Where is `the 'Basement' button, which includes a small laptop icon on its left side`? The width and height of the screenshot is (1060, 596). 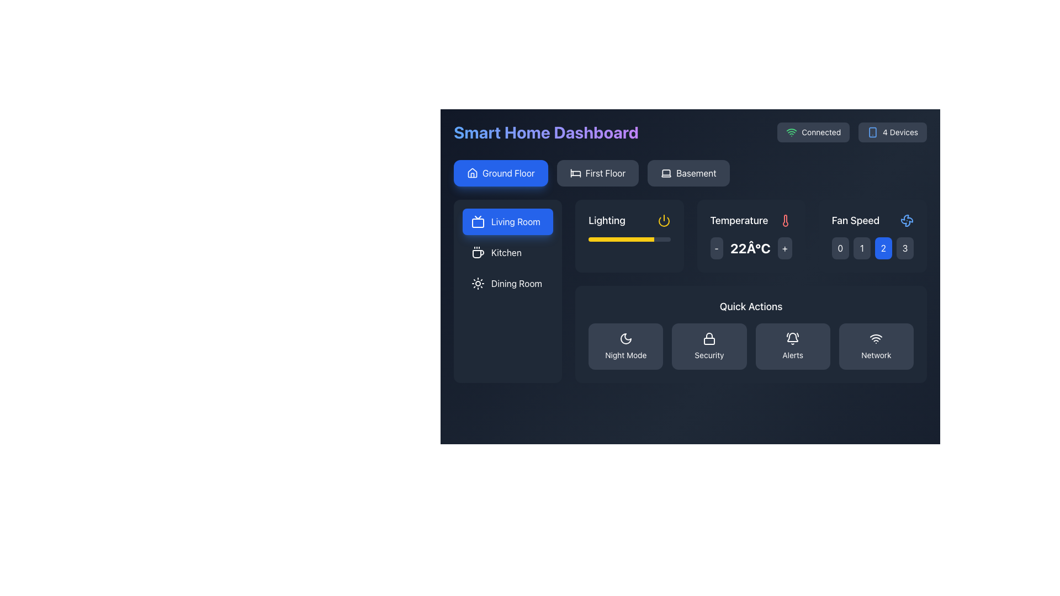 the 'Basement' button, which includes a small laptop icon on its left side is located at coordinates (666, 173).